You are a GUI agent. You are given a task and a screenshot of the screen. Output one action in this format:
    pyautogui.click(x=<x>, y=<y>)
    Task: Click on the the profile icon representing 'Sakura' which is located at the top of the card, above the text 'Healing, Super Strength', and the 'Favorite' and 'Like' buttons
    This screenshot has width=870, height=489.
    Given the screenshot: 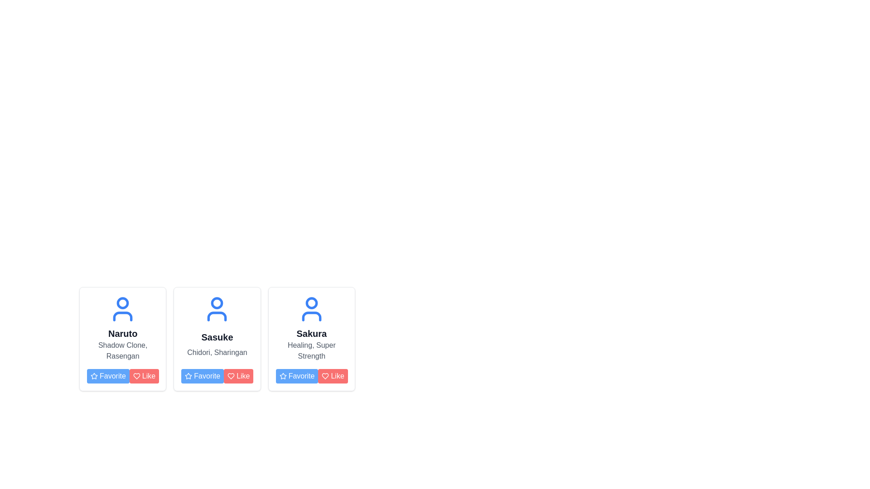 What is the action you would take?
    pyautogui.click(x=311, y=308)
    